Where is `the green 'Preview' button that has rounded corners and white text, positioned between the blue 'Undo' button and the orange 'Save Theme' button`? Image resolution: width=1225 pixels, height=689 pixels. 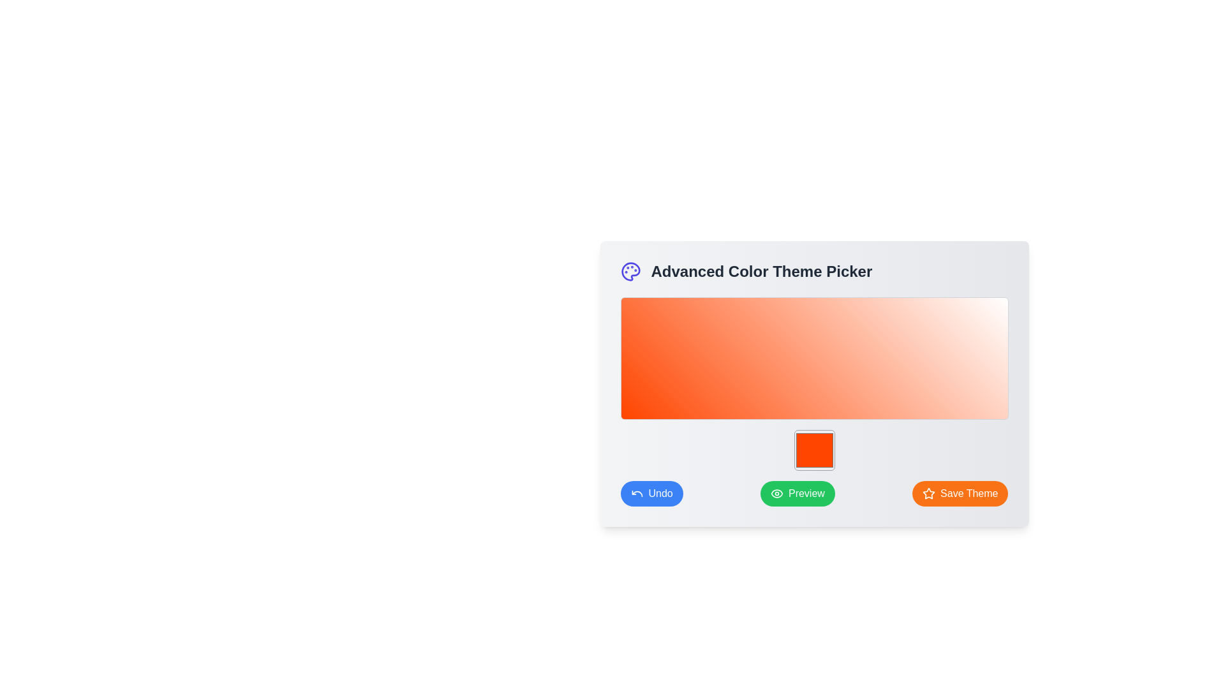
the green 'Preview' button that has rounded corners and white text, positioned between the blue 'Undo' button and the orange 'Save Theme' button is located at coordinates (813, 493).